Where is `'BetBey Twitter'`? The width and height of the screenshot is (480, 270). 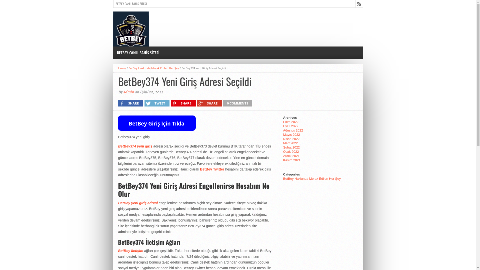 'BetBey Twitter' is located at coordinates (212, 169).